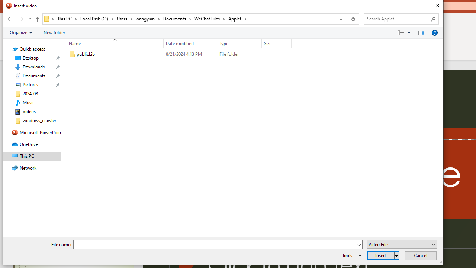 This screenshot has width=476, height=268. Describe the element at coordinates (119, 54) in the screenshot. I see `'Name'` at that location.